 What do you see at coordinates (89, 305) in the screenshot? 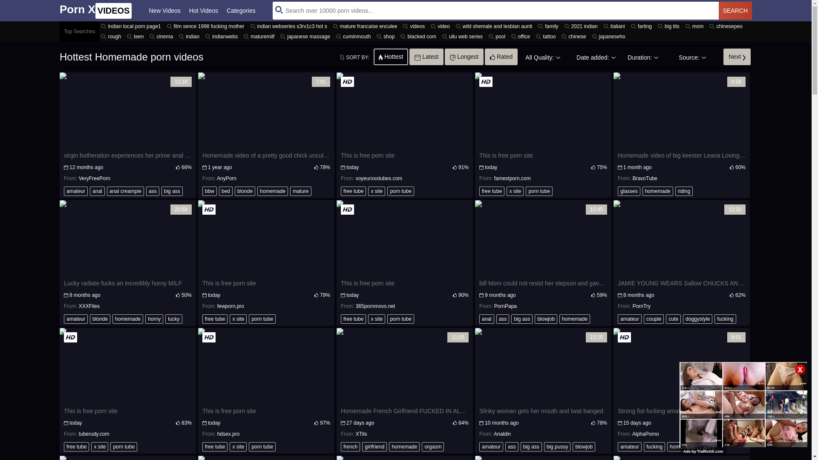
I see `'XXXFiles'` at bounding box center [89, 305].